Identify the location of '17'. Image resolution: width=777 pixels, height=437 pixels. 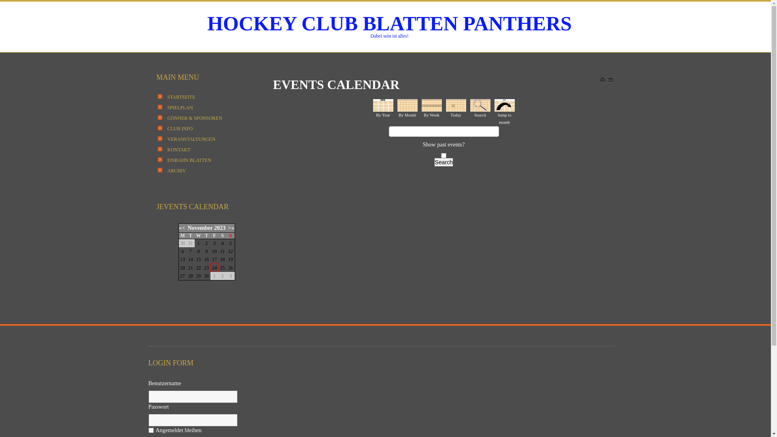
(212, 259).